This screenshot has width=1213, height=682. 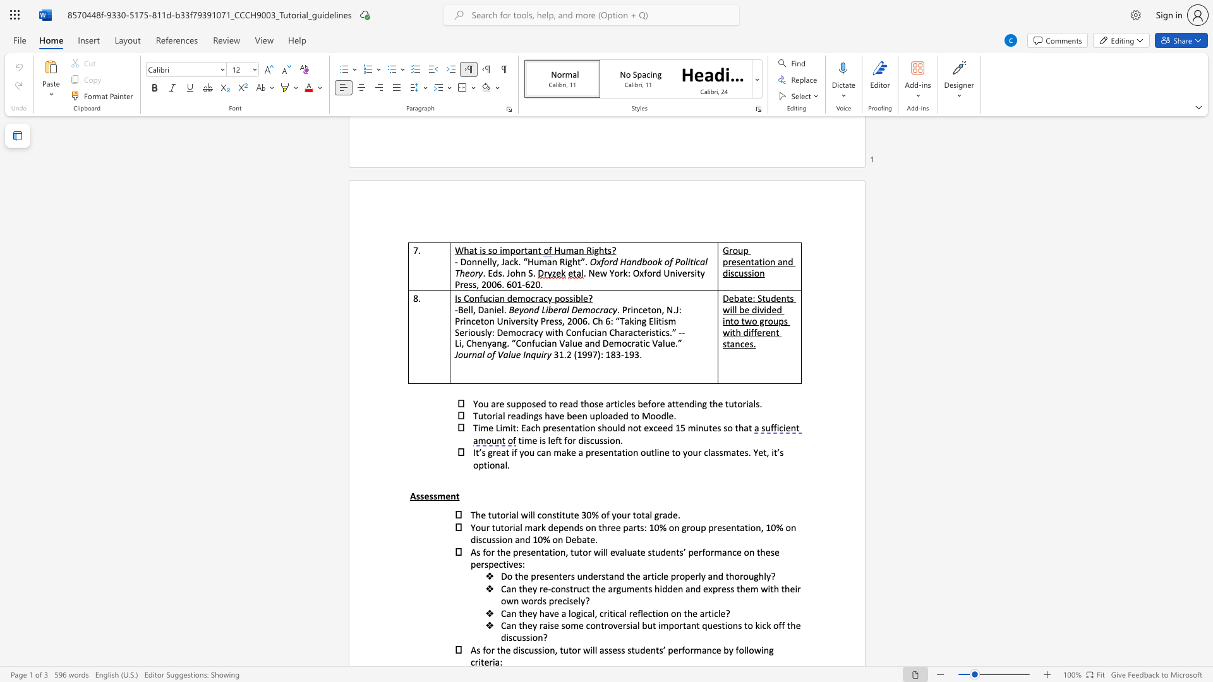 What do you see at coordinates (409, 495) in the screenshot?
I see `the subset text "Ass" within the text "Assessment"` at bounding box center [409, 495].